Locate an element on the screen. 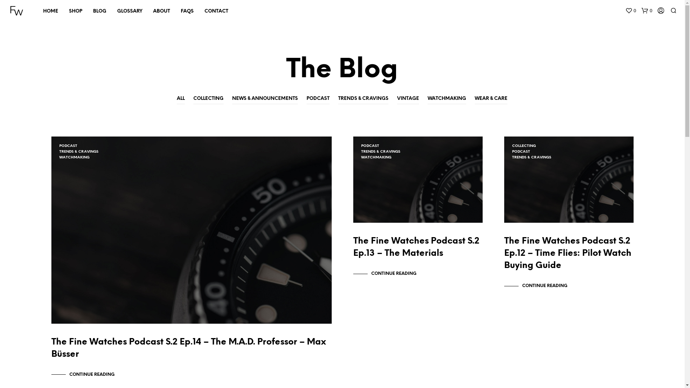 The height and width of the screenshot is (388, 690). '0' is located at coordinates (630, 11).